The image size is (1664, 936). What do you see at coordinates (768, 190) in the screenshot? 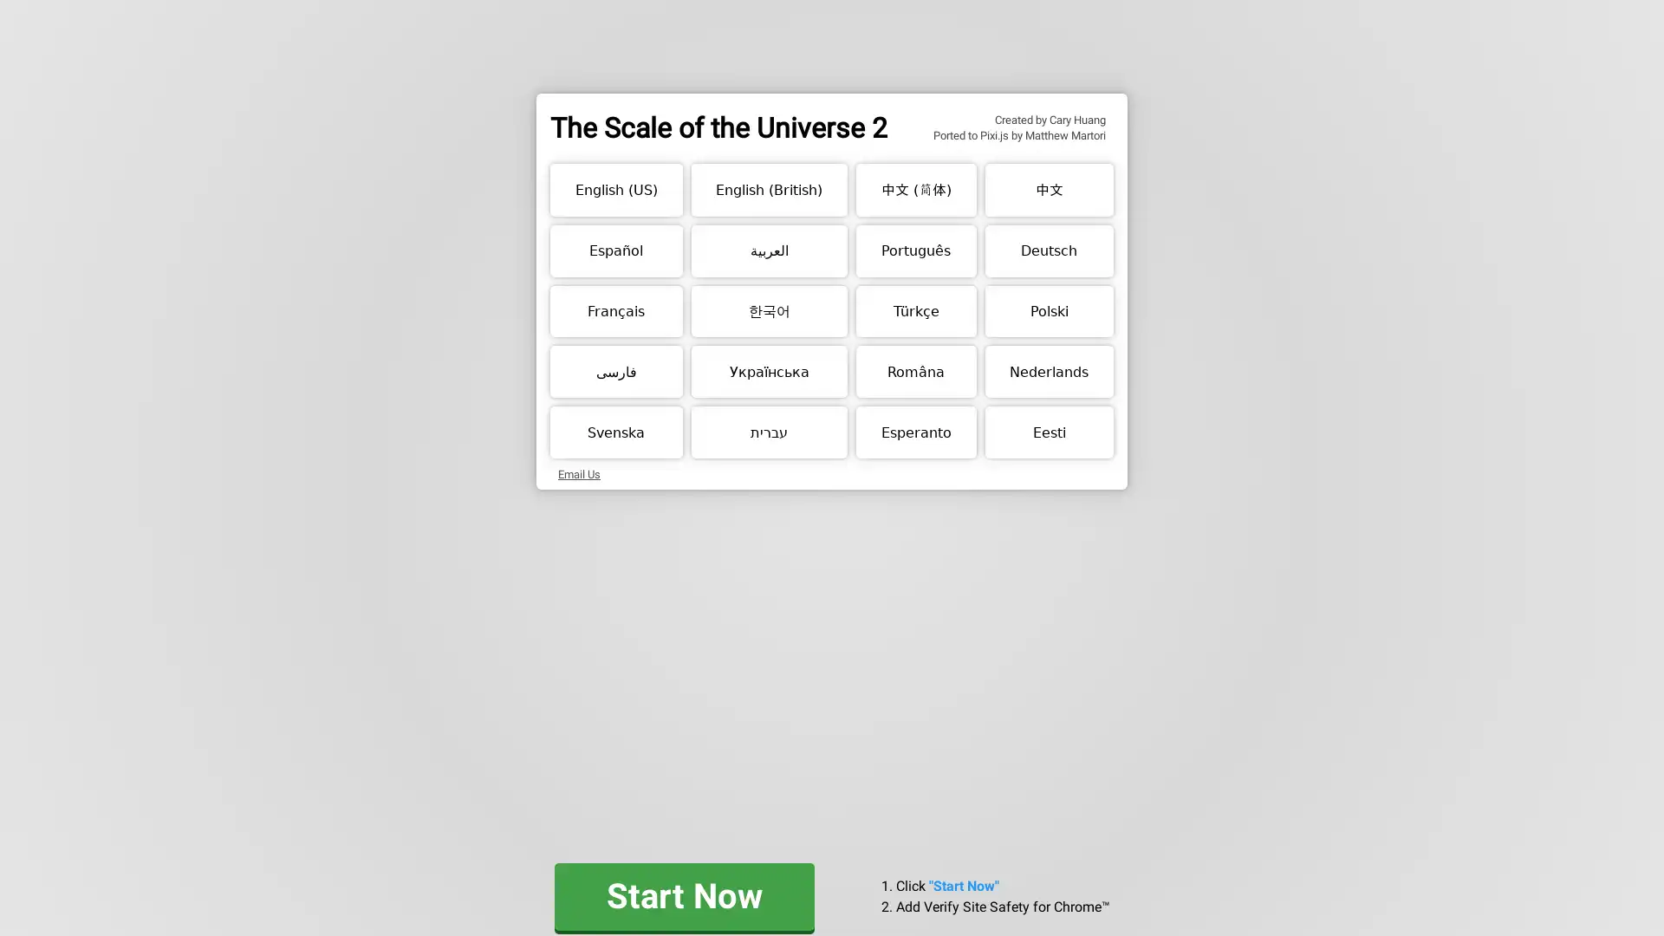
I see `English (British)` at bounding box center [768, 190].